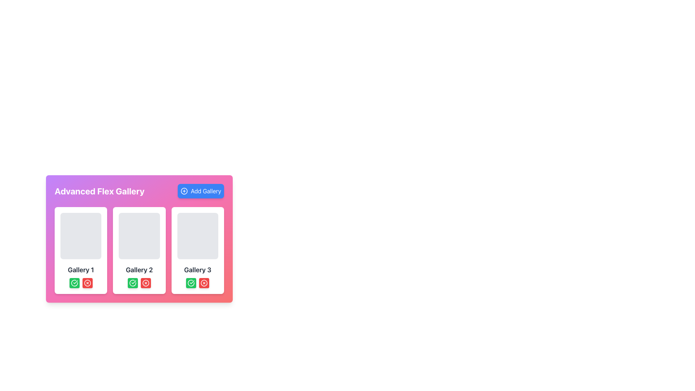 The height and width of the screenshot is (391, 695). Describe the element at coordinates (146, 283) in the screenshot. I see `the delete button located at the bottom-right corner of the third gallery card` at that location.